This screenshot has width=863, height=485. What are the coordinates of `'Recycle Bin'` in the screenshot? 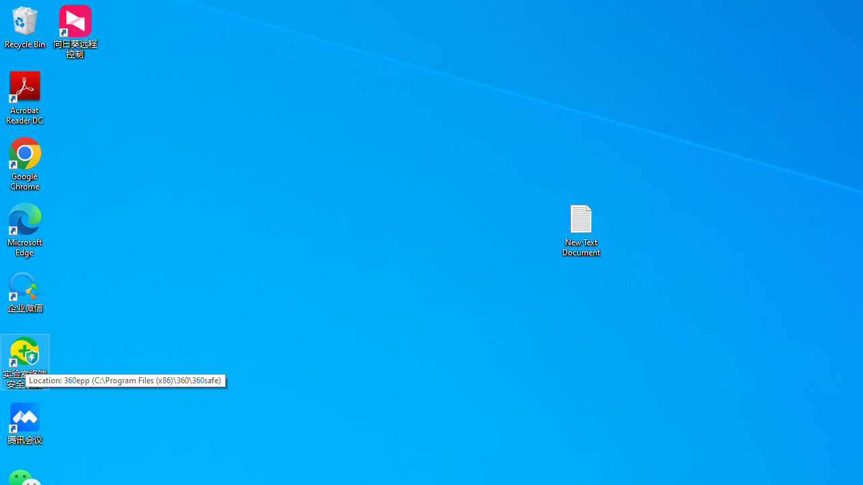 It's located at (25, 26).